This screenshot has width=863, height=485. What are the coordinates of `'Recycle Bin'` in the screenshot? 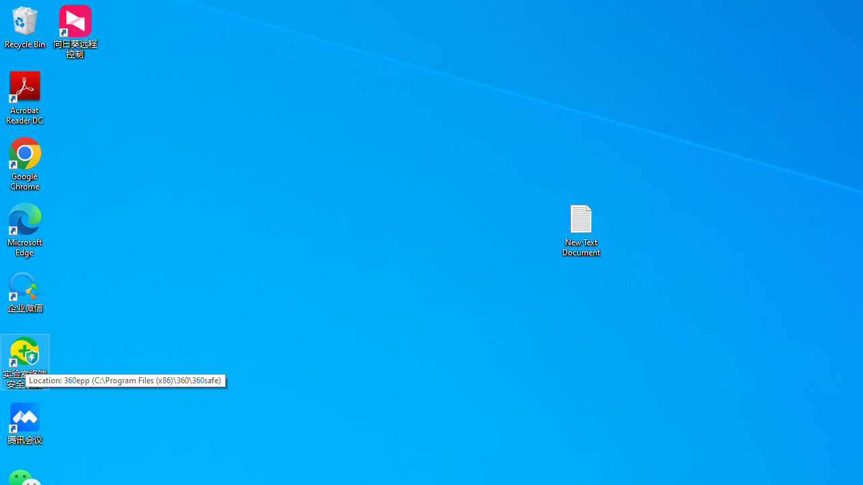 It's located at (25, 26).